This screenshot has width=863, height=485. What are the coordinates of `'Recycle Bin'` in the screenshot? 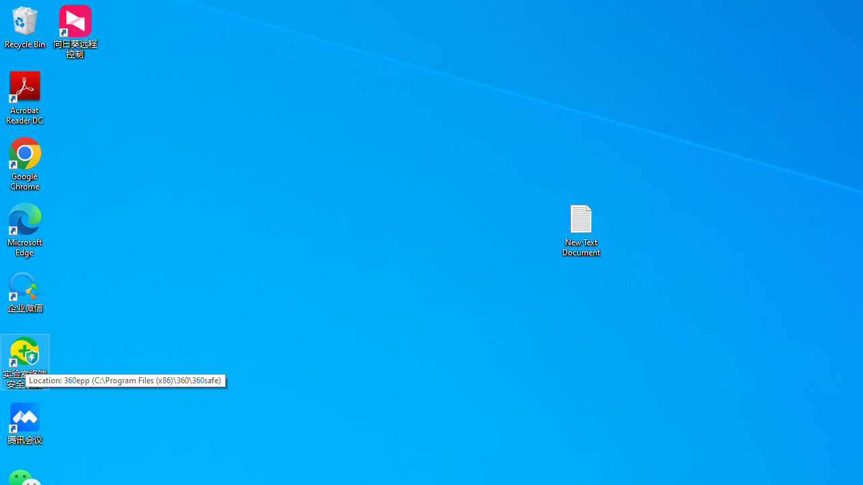 It's located at (25, 26).